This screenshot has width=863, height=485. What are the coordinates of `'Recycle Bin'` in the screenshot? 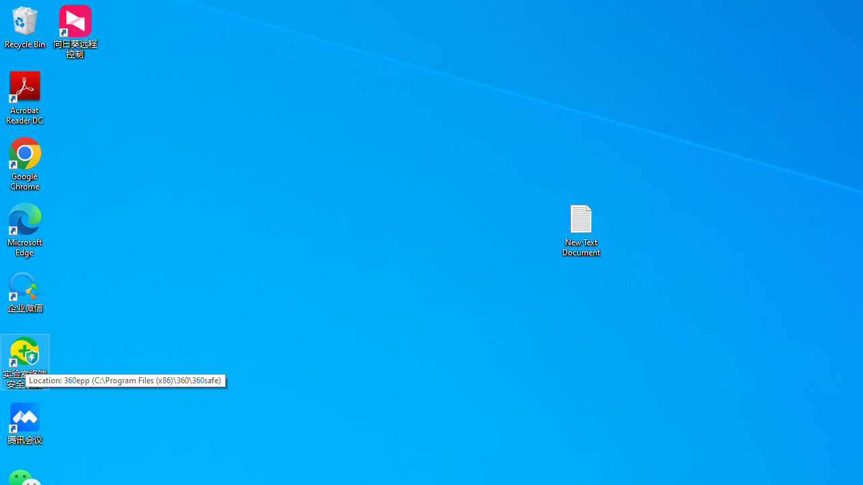 It's located at (25, 26).